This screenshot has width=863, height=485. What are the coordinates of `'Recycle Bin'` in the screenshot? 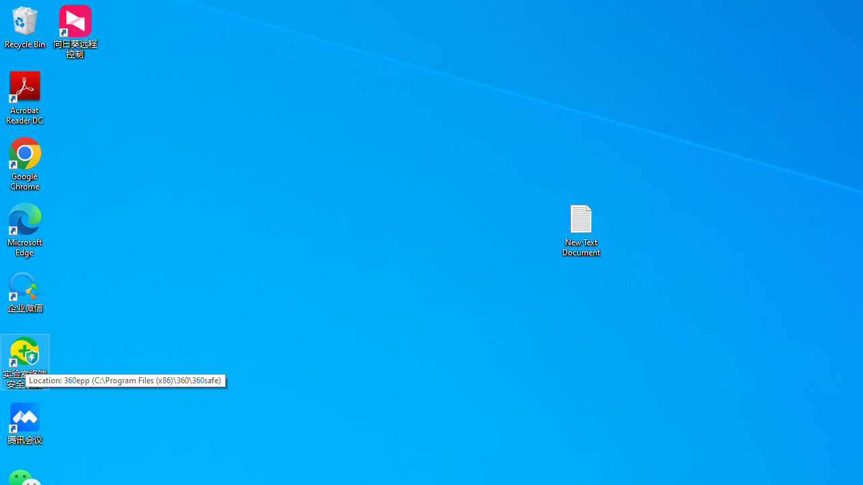 It's located at (25, 26).